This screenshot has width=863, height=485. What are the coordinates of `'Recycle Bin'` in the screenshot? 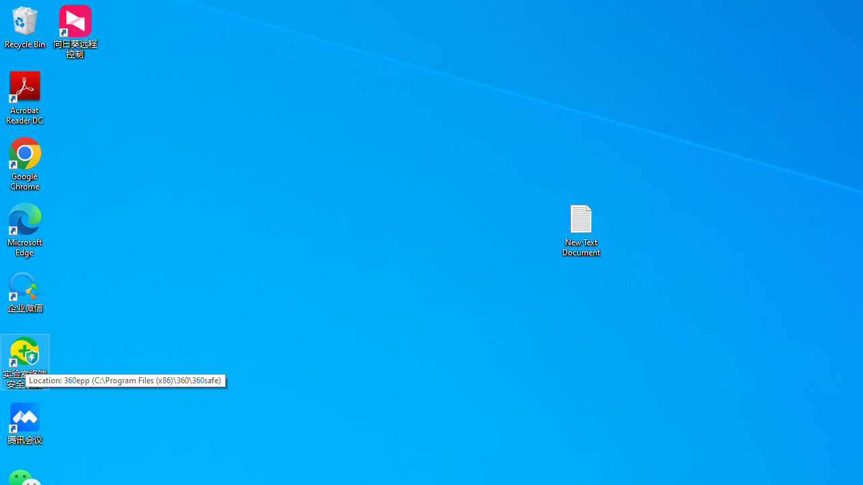 It's located at (25, 26).